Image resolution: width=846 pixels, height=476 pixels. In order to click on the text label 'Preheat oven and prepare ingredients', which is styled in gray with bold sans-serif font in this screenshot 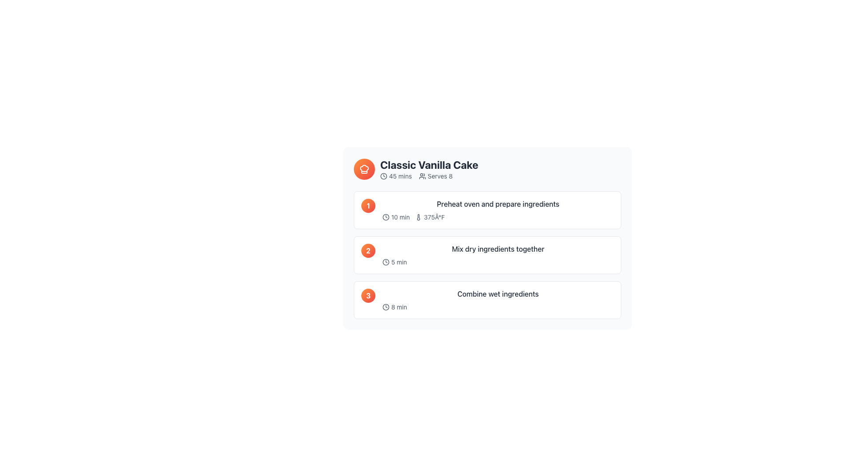, I will do `click(498, 204)`.